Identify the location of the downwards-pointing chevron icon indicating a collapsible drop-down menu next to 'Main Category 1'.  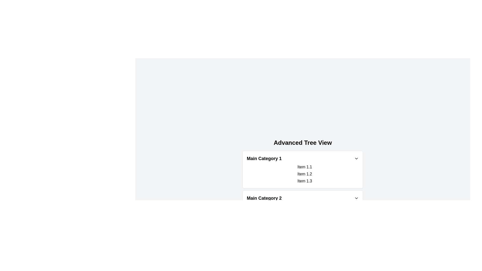
(356, 159).